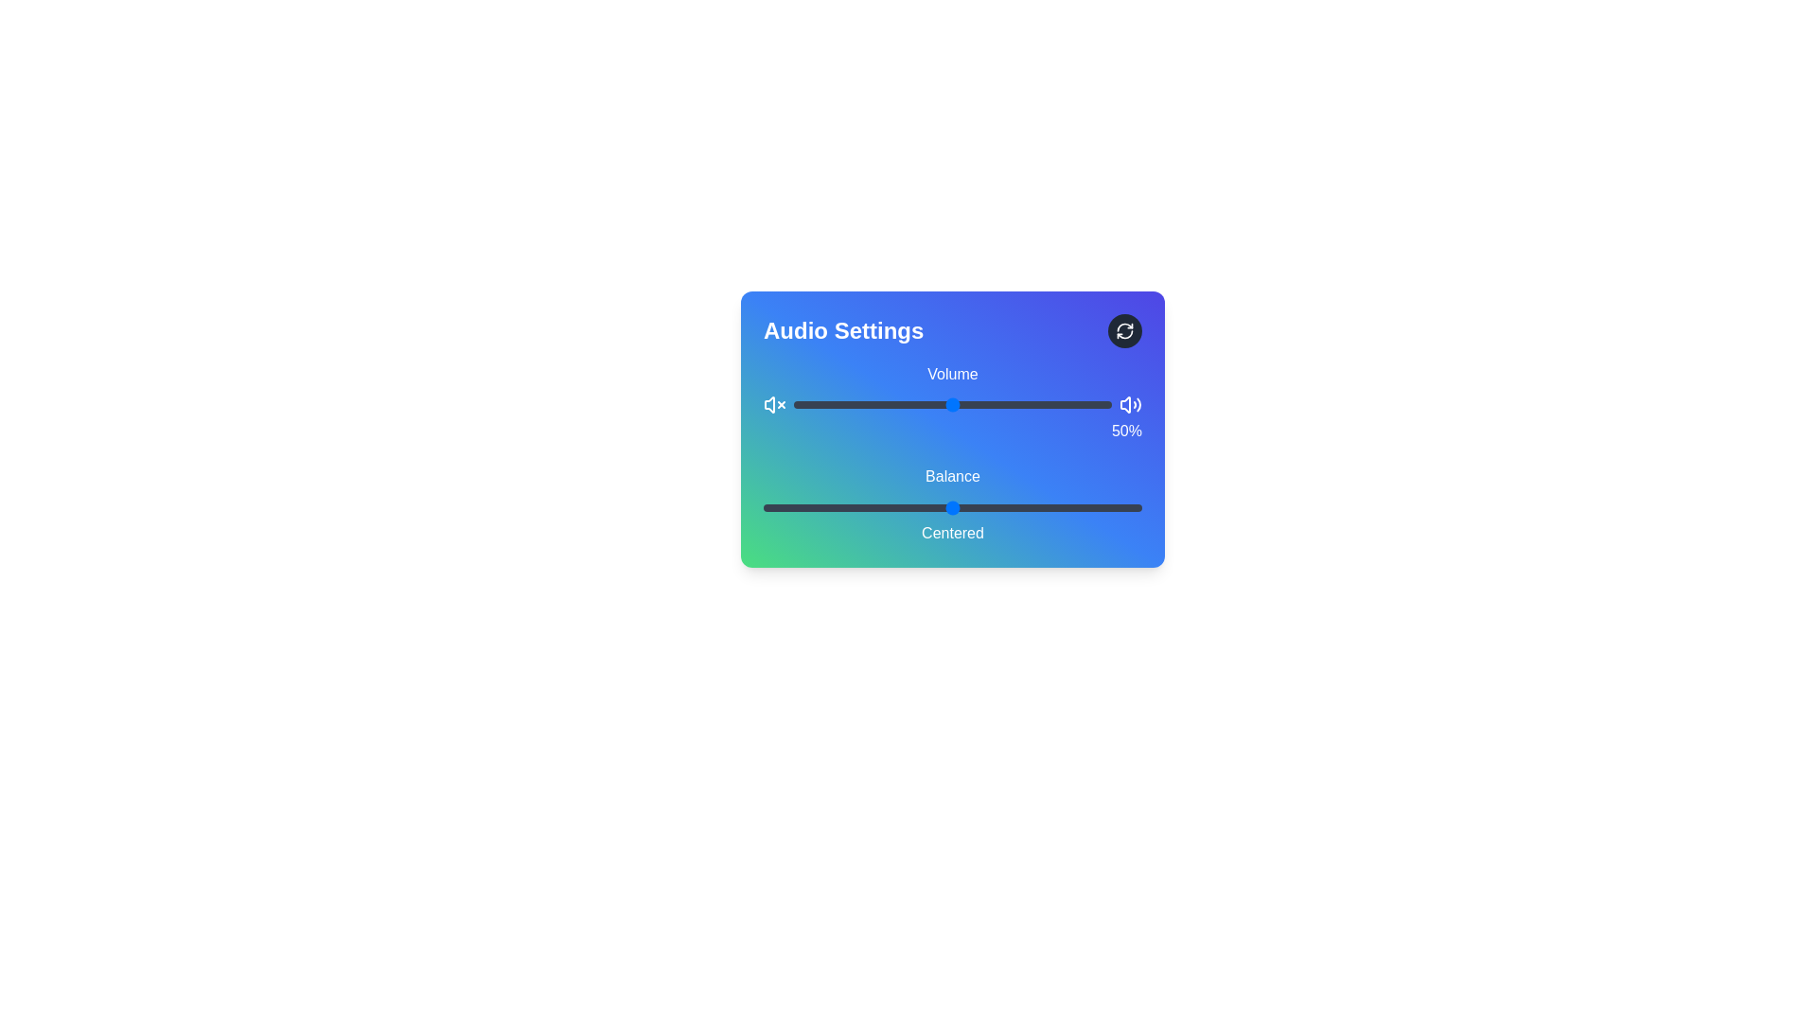 Image resolution: width=1817 pixels, height=1022 pixels. What do you see at coordinates (953, 533) in the screenshot?
I see `the non-interactive text label indicating that the audio balance is centered, located at the bottom of the 'Balance' section` at bounding box center [953, 533].